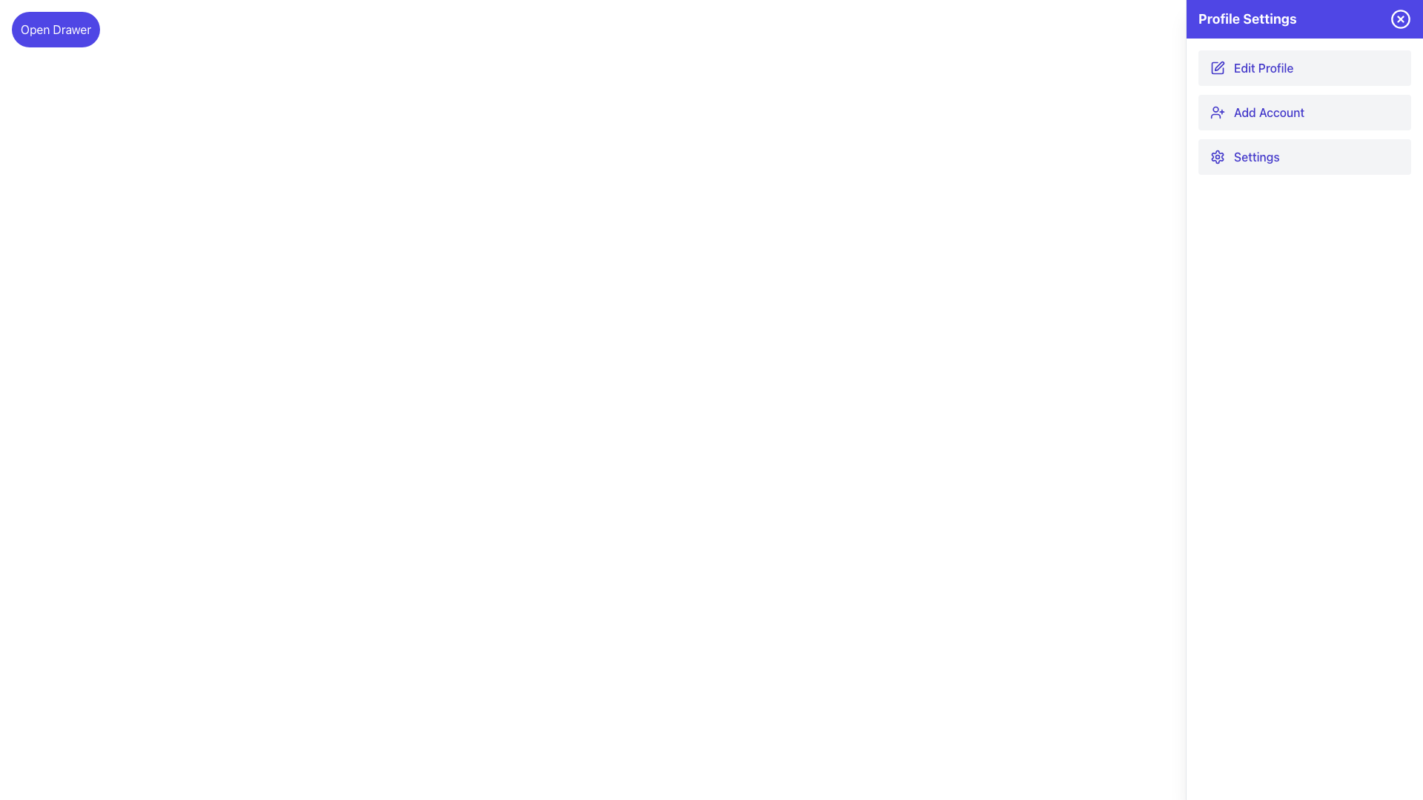 The image size is (1423, 800). I want to click on the first Interactive button in the vertical list inside the 'Profile Settings' sidebar, so click(1304, 68).